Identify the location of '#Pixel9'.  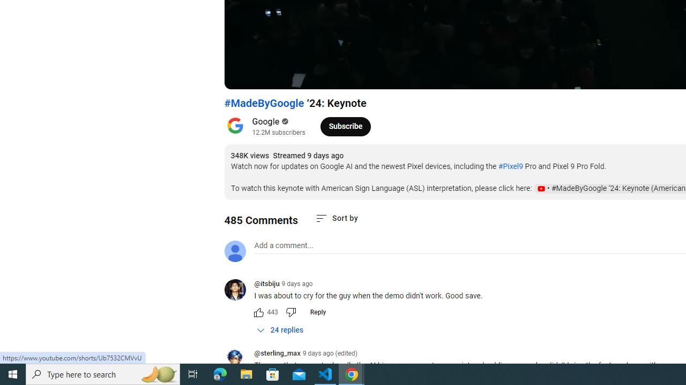
(510, 166).